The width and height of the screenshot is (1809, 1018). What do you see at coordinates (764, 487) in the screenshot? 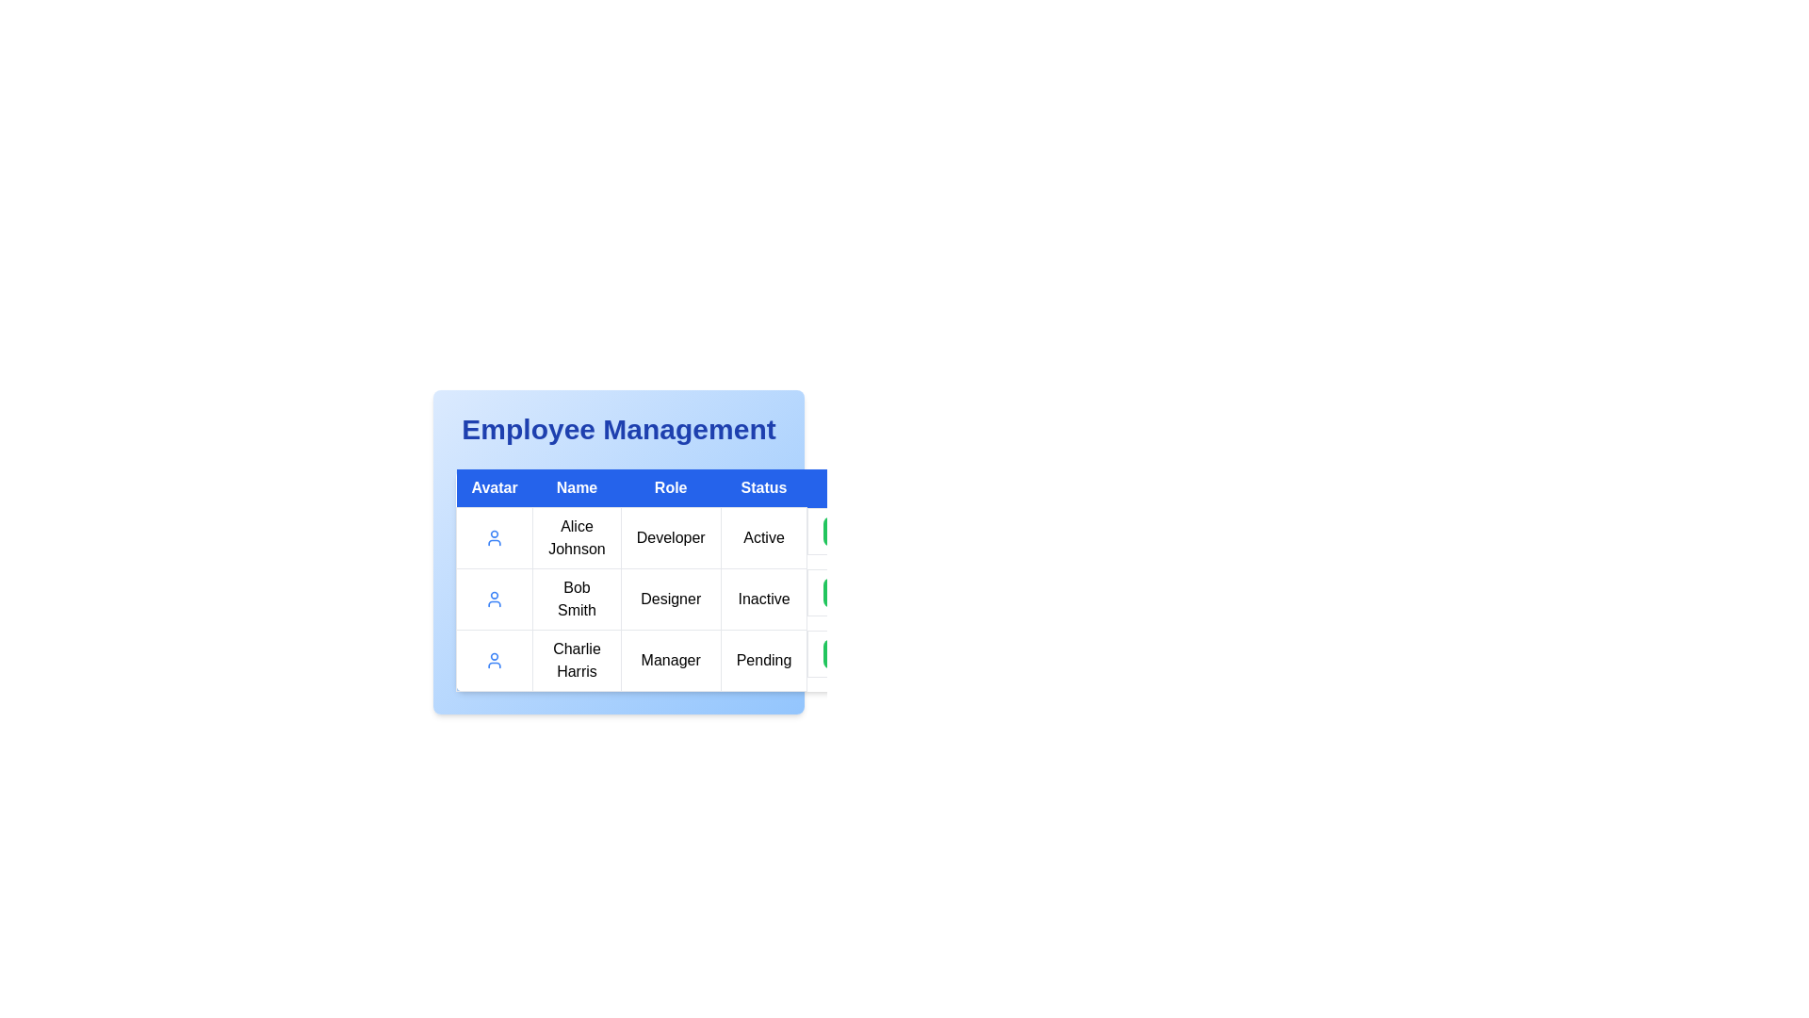
I see `the 'Status' label, which displays white text on a blue background and is the fourth element in a row of labels including 'Avatar', 'Name', 'Role', and 'Actions'` at bounding box center [764, 487].